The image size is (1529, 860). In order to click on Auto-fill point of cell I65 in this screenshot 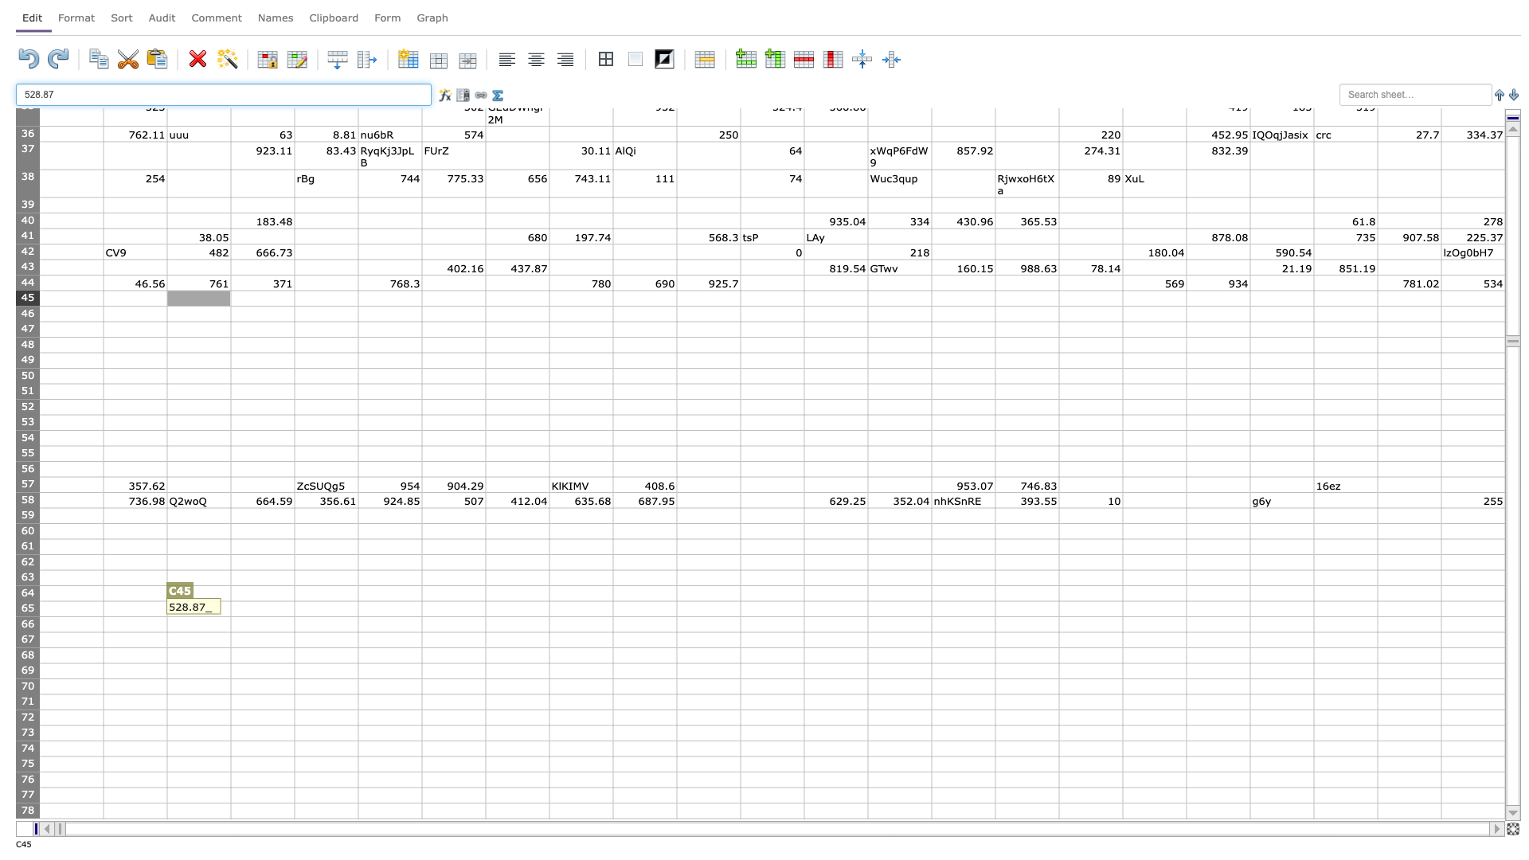, I will do `click(612, 616)`.